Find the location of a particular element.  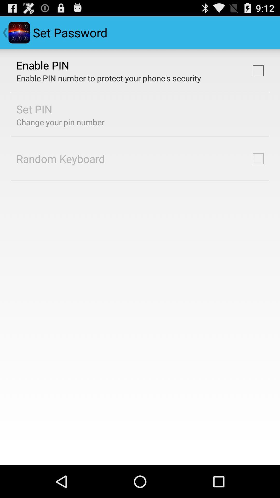

random keyboard is located at coordinates (60, 158).